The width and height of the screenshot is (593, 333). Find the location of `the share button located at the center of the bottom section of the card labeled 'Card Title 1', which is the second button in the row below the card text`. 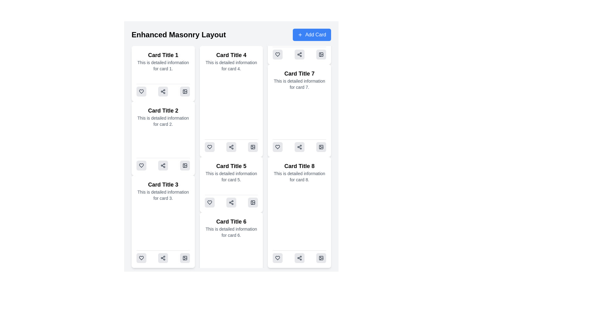

the share button located at the center of the bottom section of the card labeled 'Card Title 1', which is the second button in the row below the card text is located at coordinates (163, 92).